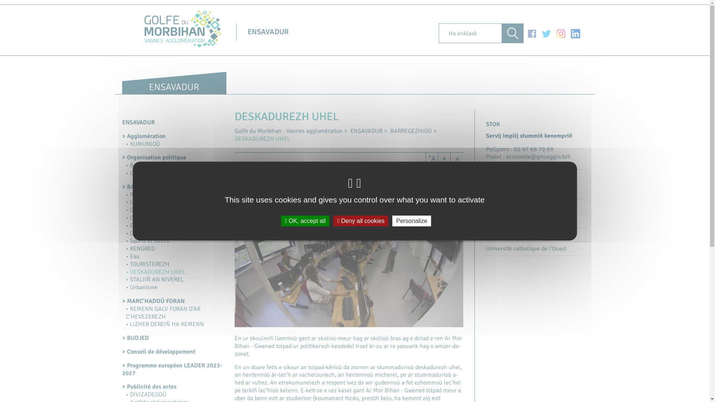 This screenshot has height=402, width=715. I want to click on 'Bureau communautaire', so click(158, 165).